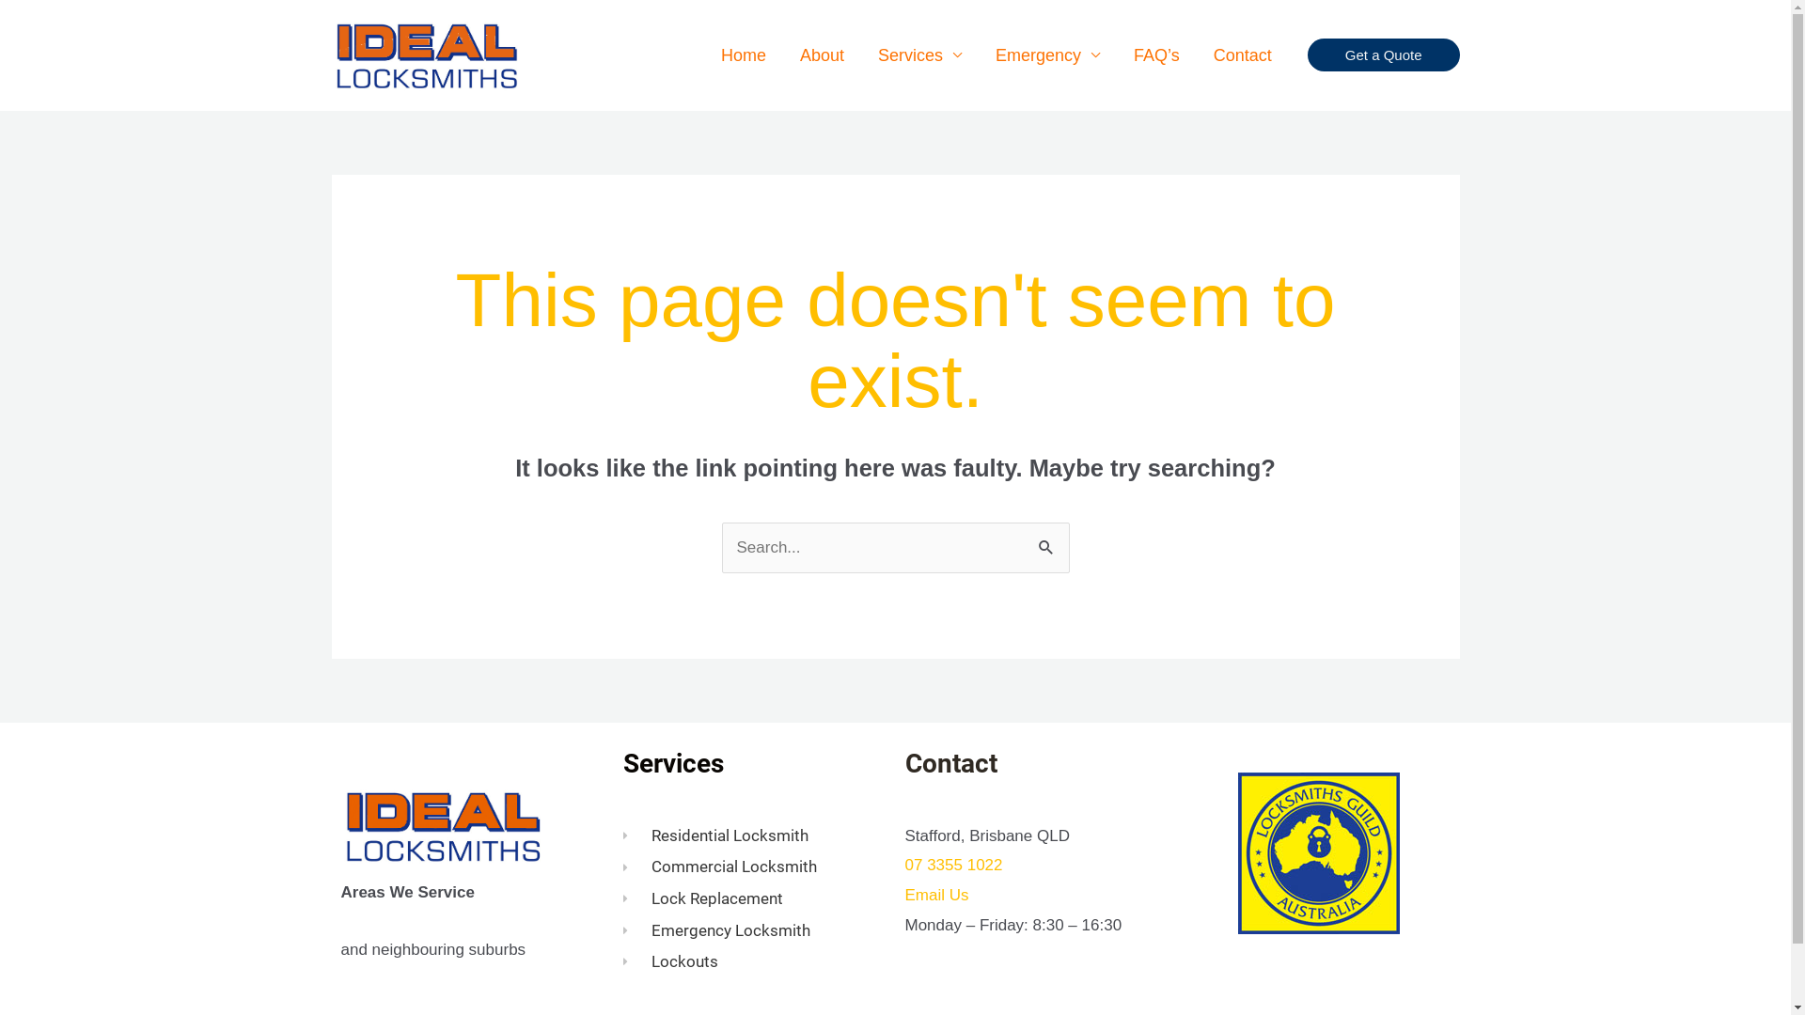  I want to click on 'Lockouts', so click(753, 961).